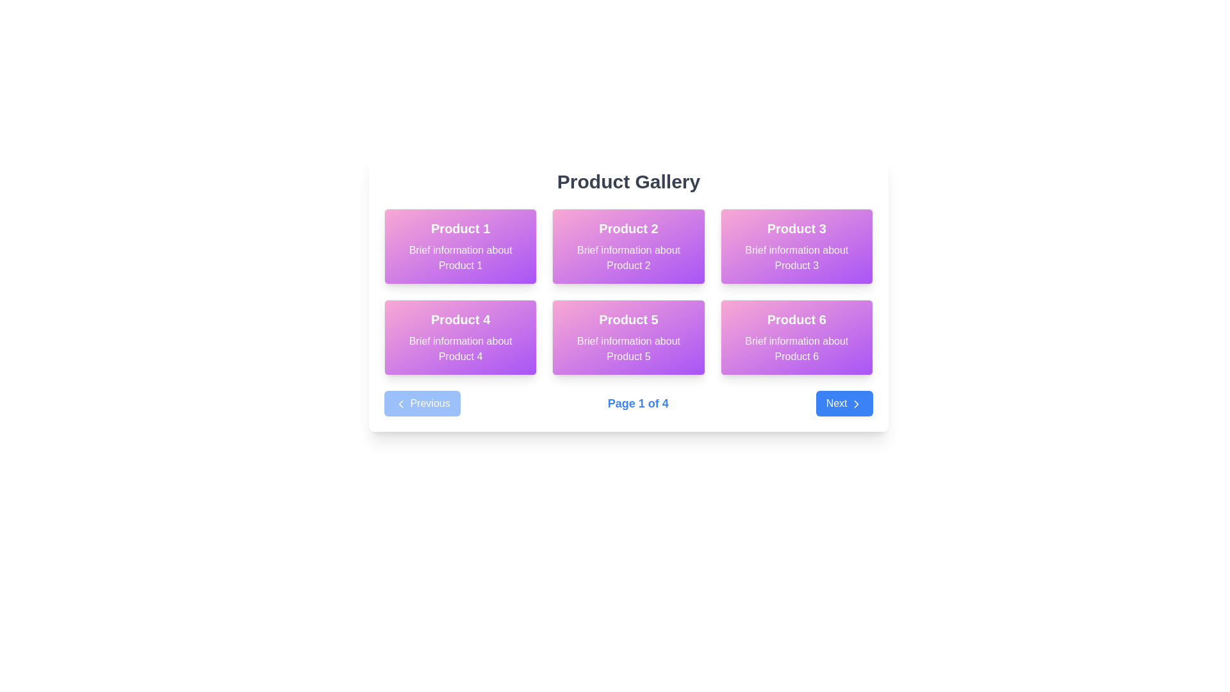 This screenshot has height=692, width=1230. What do you see at coordinates (796, 247) in the screenshot?
I see `the Information Card displaying details about 'Product 3', located in the top-right corner of the grid, specifically at the third position in the first row` at bounding box center [796, 247].